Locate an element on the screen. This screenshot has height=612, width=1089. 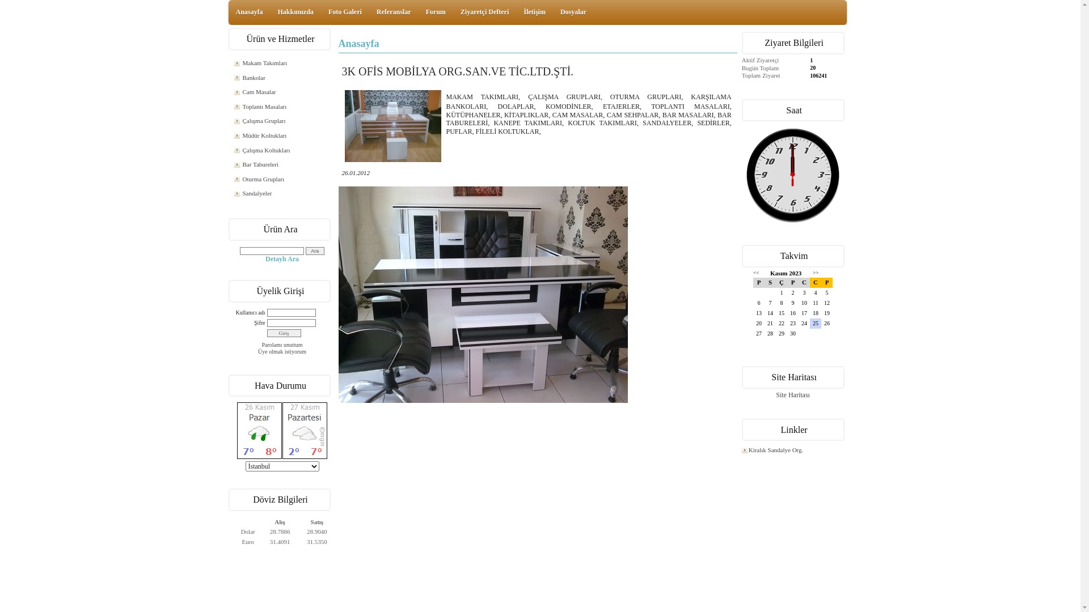
'Referanslar' is located at coordinates (394, 11).